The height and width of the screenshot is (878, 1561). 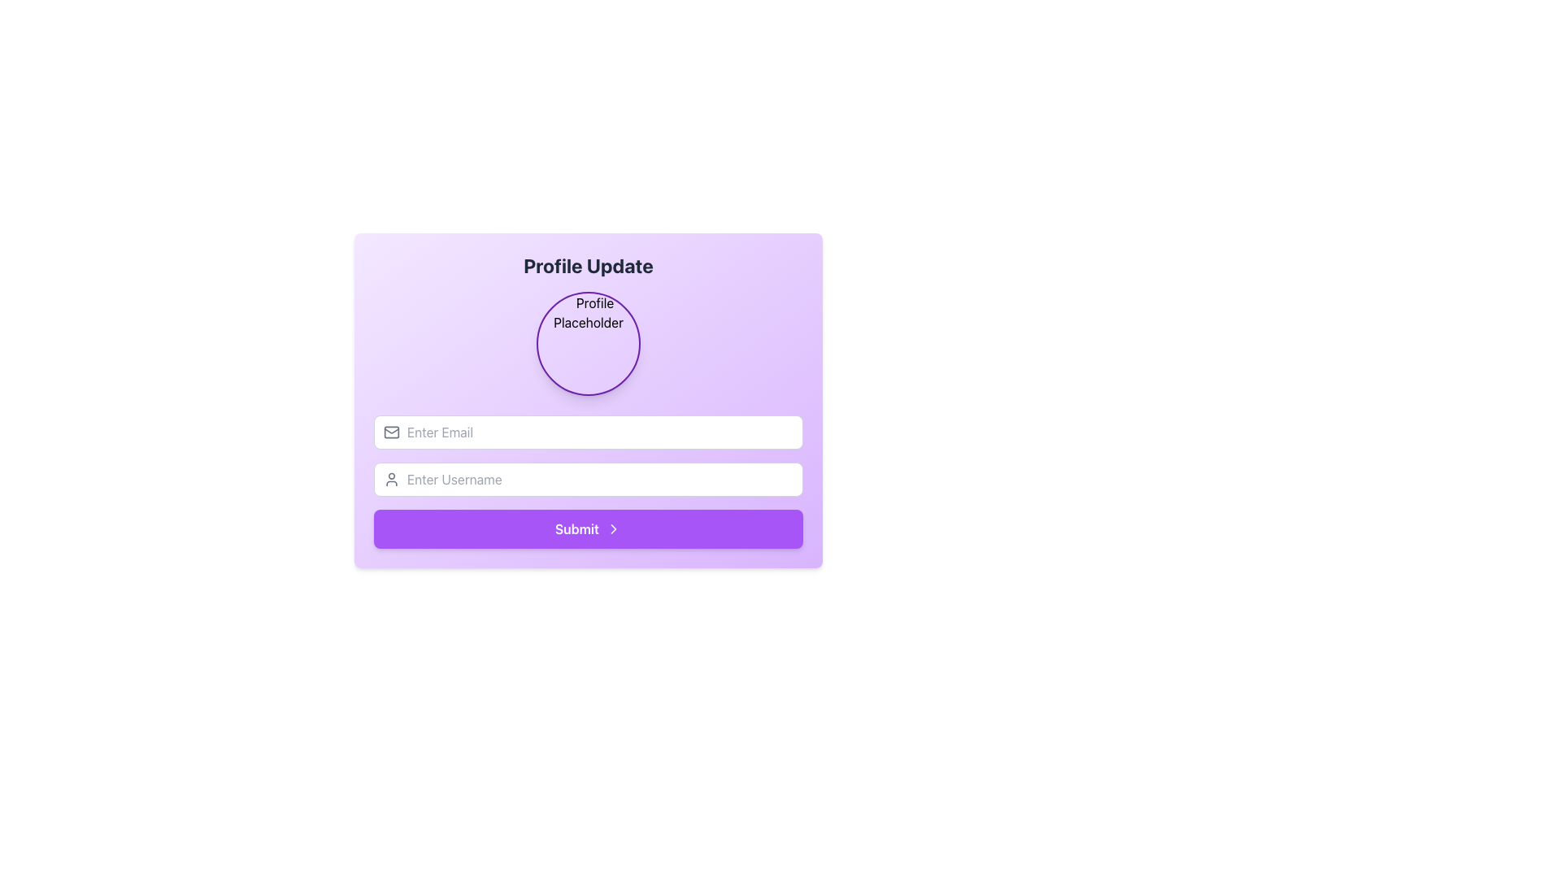 I want to click on the small user icon located to the left of the username input field, which visually resembles an outline of a person in light gray color, so click(x=391, y=479).